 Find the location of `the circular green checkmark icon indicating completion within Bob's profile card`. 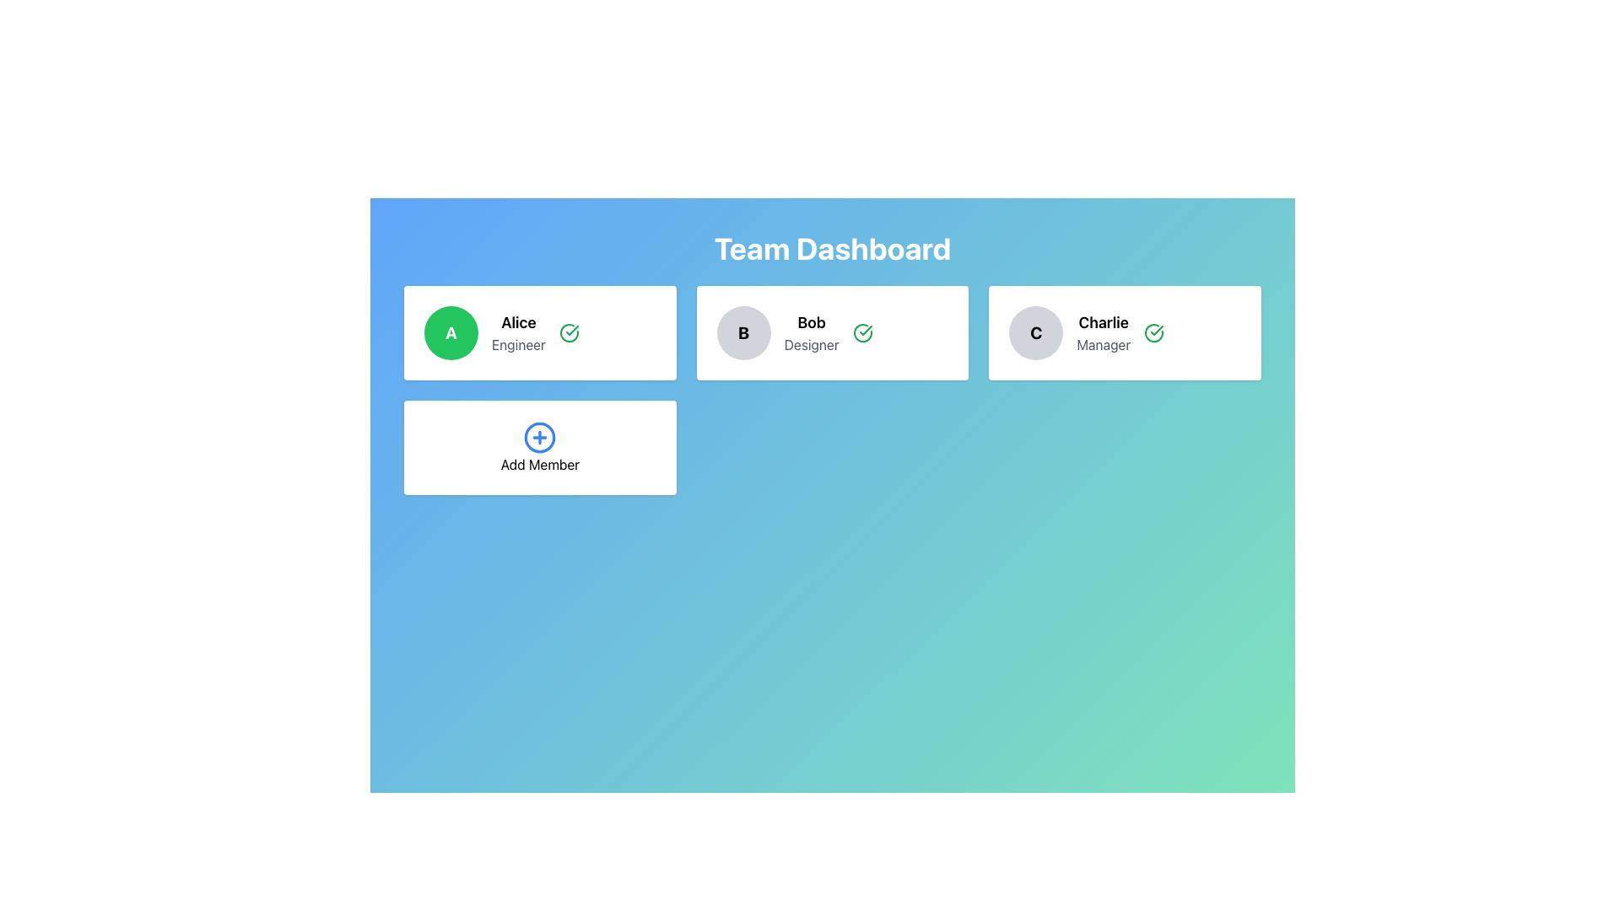

the circular green checkmark icon indicating completion within Bob's profile card is located at coordinates (862, 332).